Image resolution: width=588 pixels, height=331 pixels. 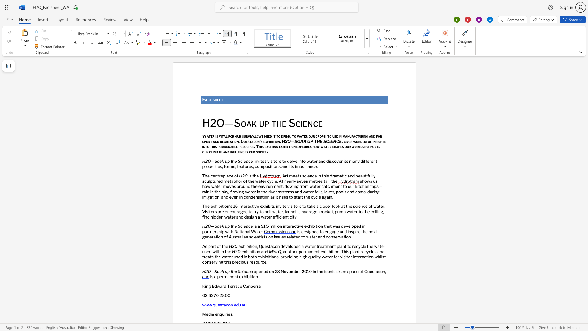 I want to click on the 4th character "t" in the text, so click(x=277, y=135).